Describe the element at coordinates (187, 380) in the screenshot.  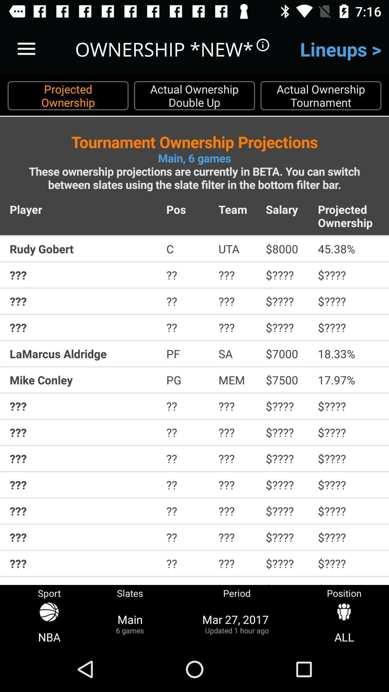
I see `item next to mike conley icon` at that location.